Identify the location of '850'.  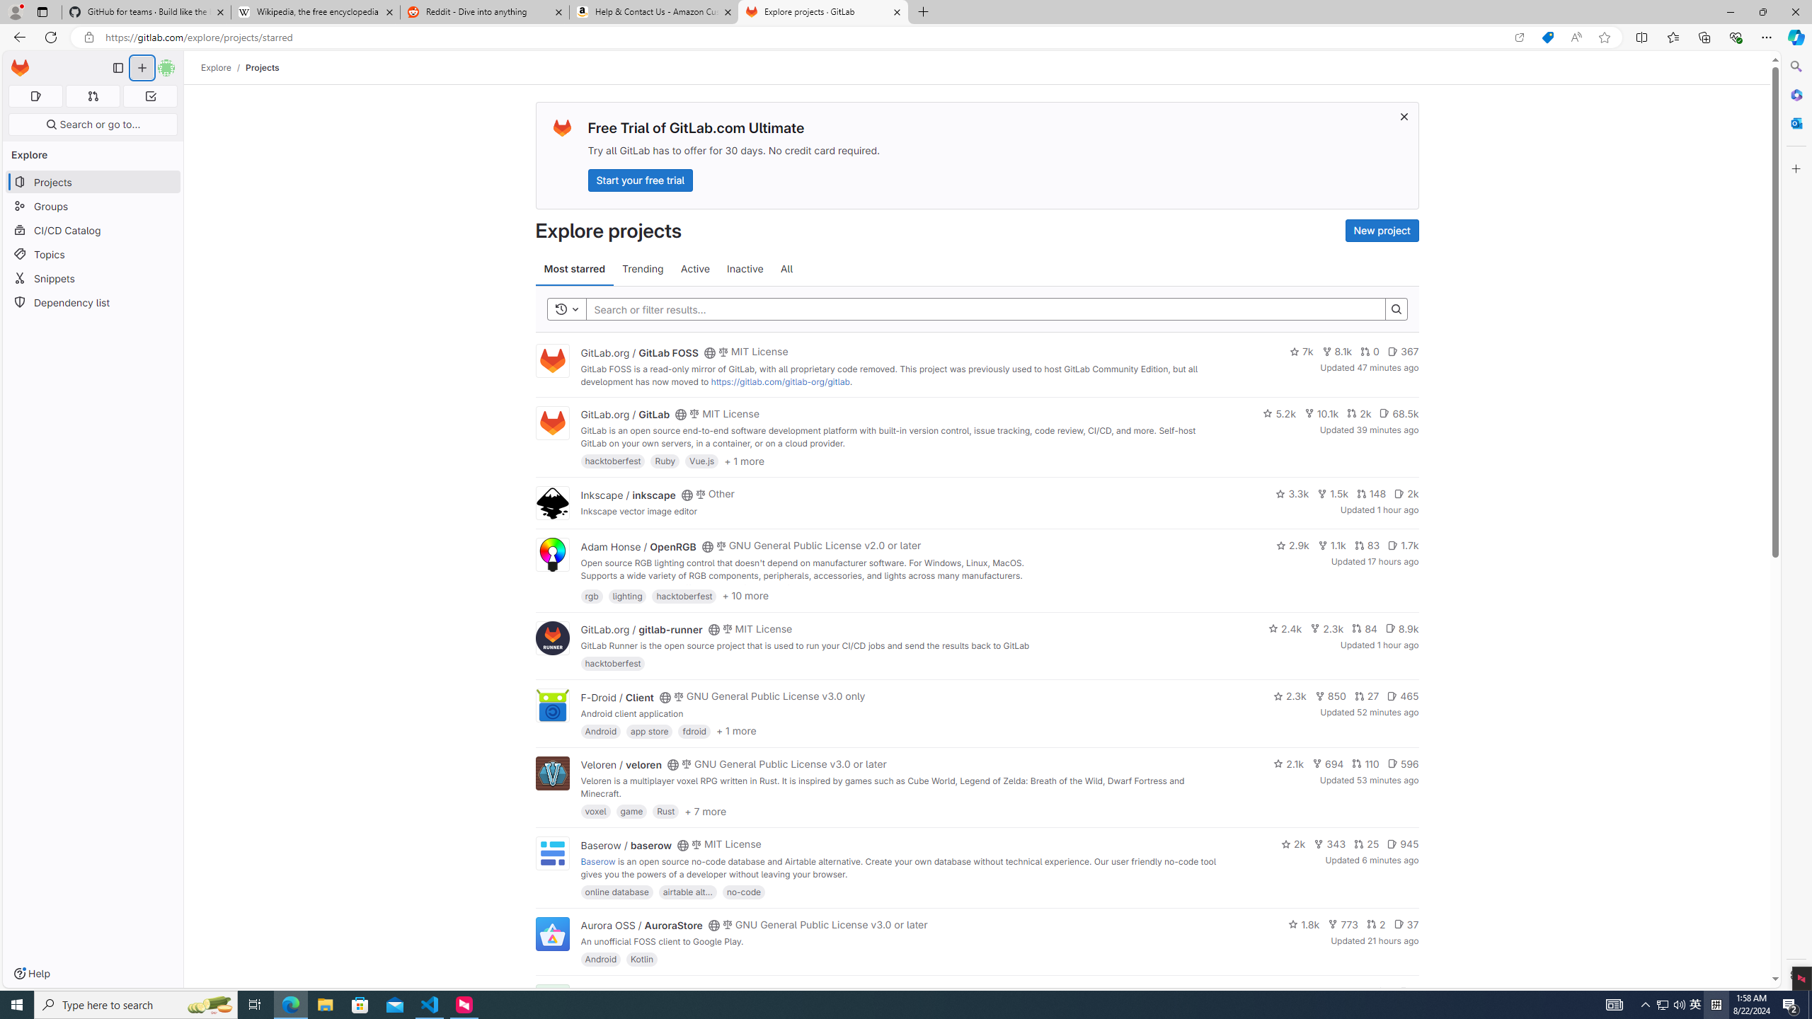
(1330, 696).